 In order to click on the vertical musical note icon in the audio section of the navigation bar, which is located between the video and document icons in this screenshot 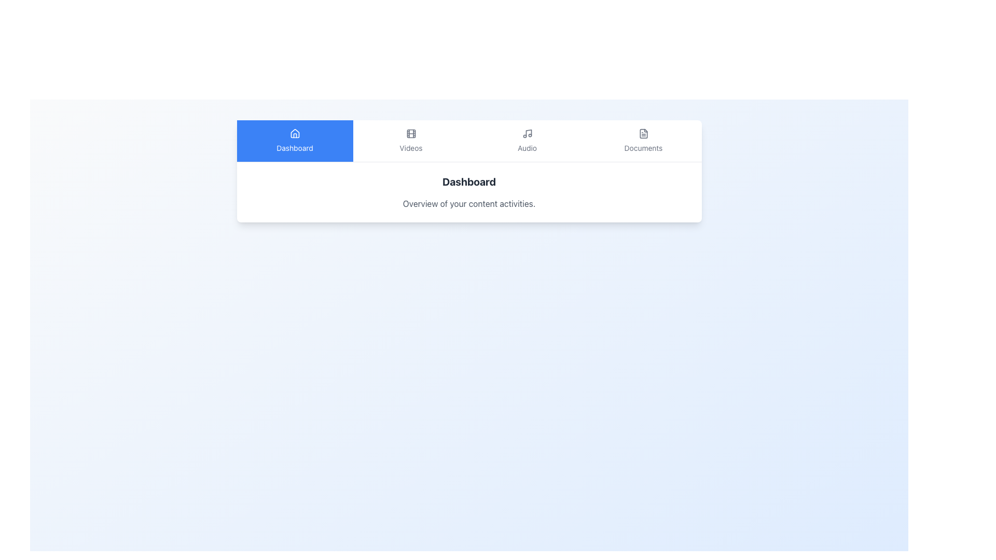, I will do `click(528, 132)`.